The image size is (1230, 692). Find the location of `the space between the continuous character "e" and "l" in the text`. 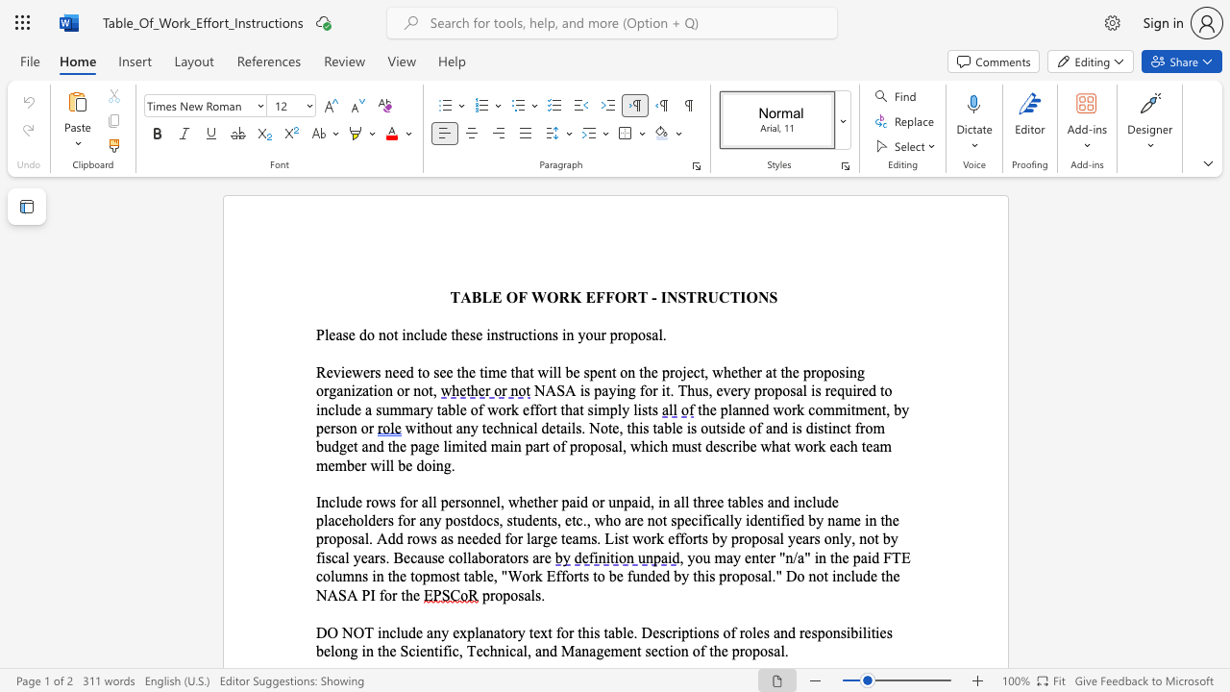

the space between the continuous character "e" and "l" in the text is located at coordinates (330, 650).